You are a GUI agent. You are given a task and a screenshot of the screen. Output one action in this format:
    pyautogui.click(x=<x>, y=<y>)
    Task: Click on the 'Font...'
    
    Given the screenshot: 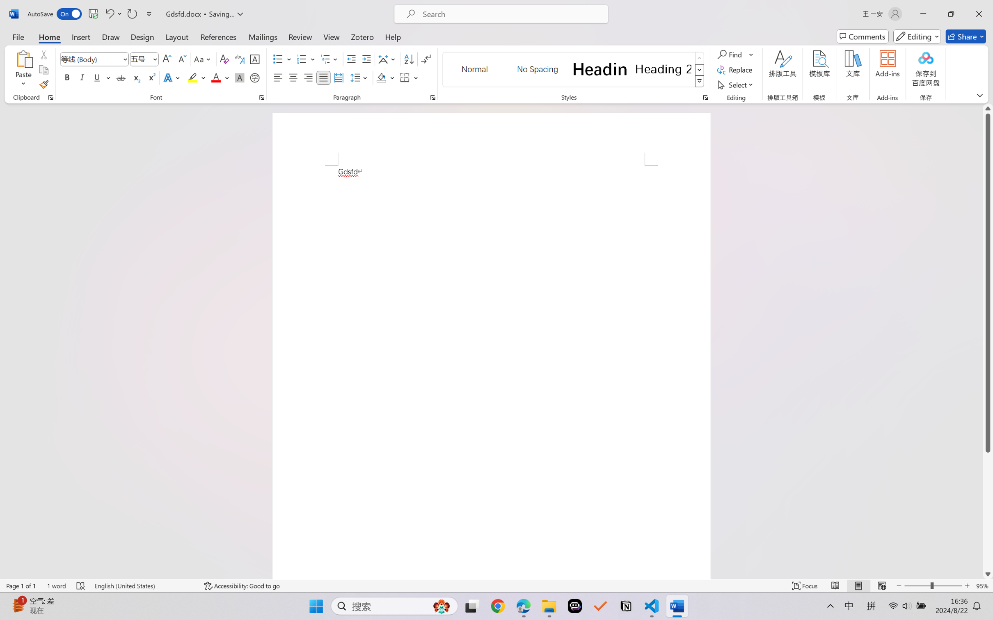 What is the action you would take?
    pyautogui.click(x=261, y=97)
    